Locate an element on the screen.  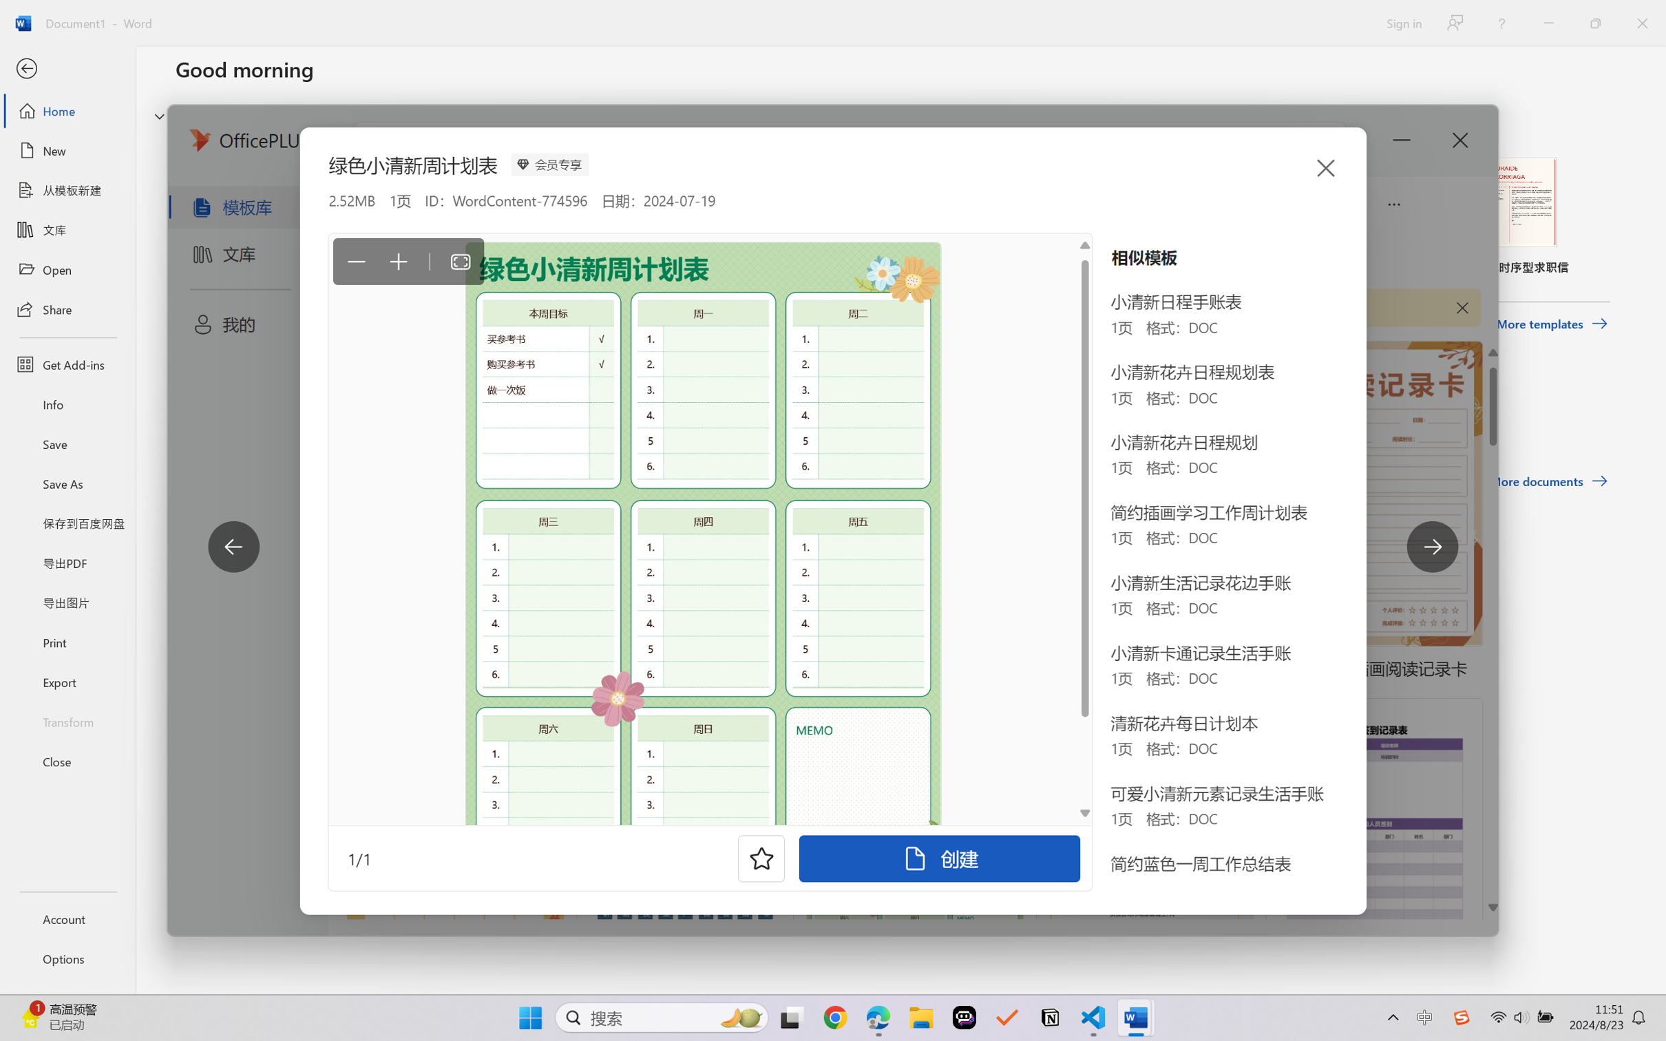
'Info' is located at coordinates (67, 403).